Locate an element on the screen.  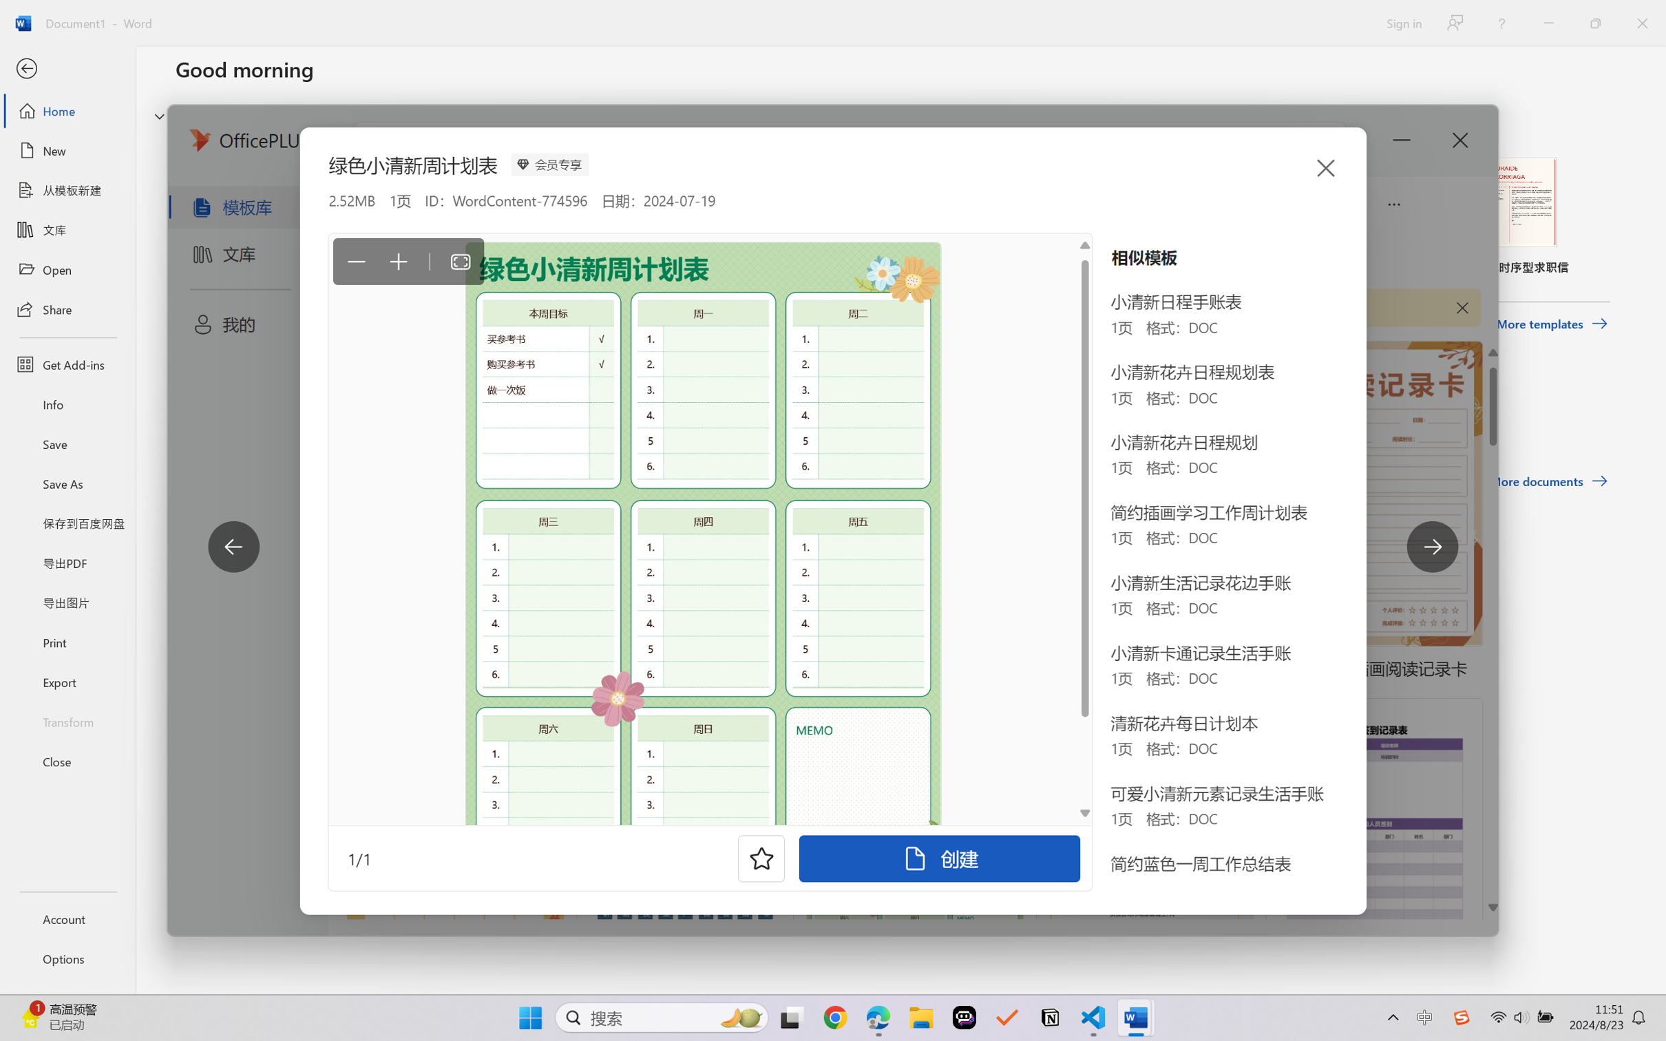
'Info' is located at coordinates (67, 403).